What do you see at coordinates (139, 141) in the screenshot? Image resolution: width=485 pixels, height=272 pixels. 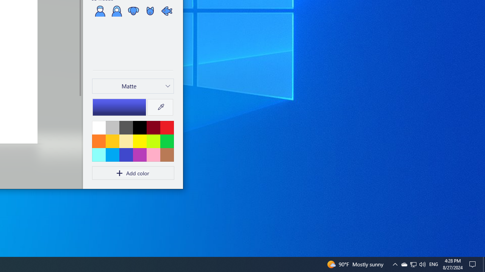 I see `'Yellow'` at bounding box center [139, 141].